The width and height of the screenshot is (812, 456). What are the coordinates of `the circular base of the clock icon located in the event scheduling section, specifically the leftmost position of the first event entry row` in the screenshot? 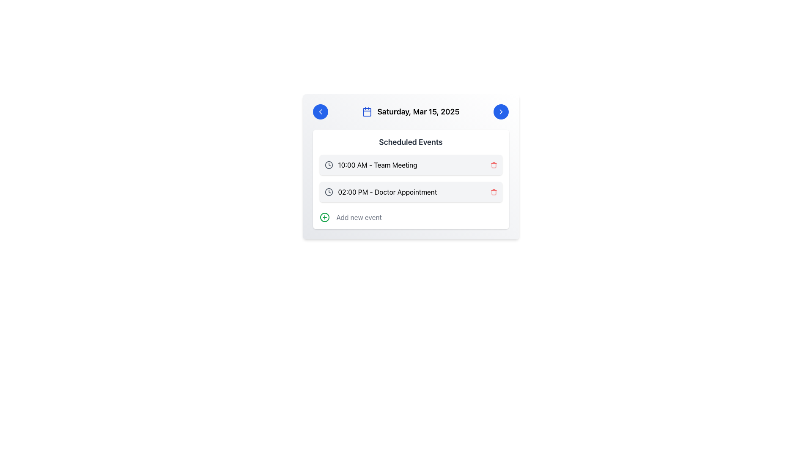 It's located at (328, 192).